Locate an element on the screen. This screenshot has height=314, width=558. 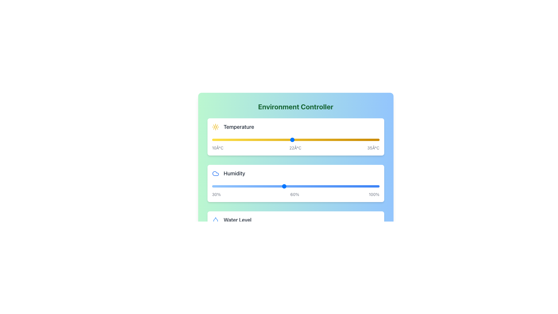
humidity is located at coordinates (365, 186).